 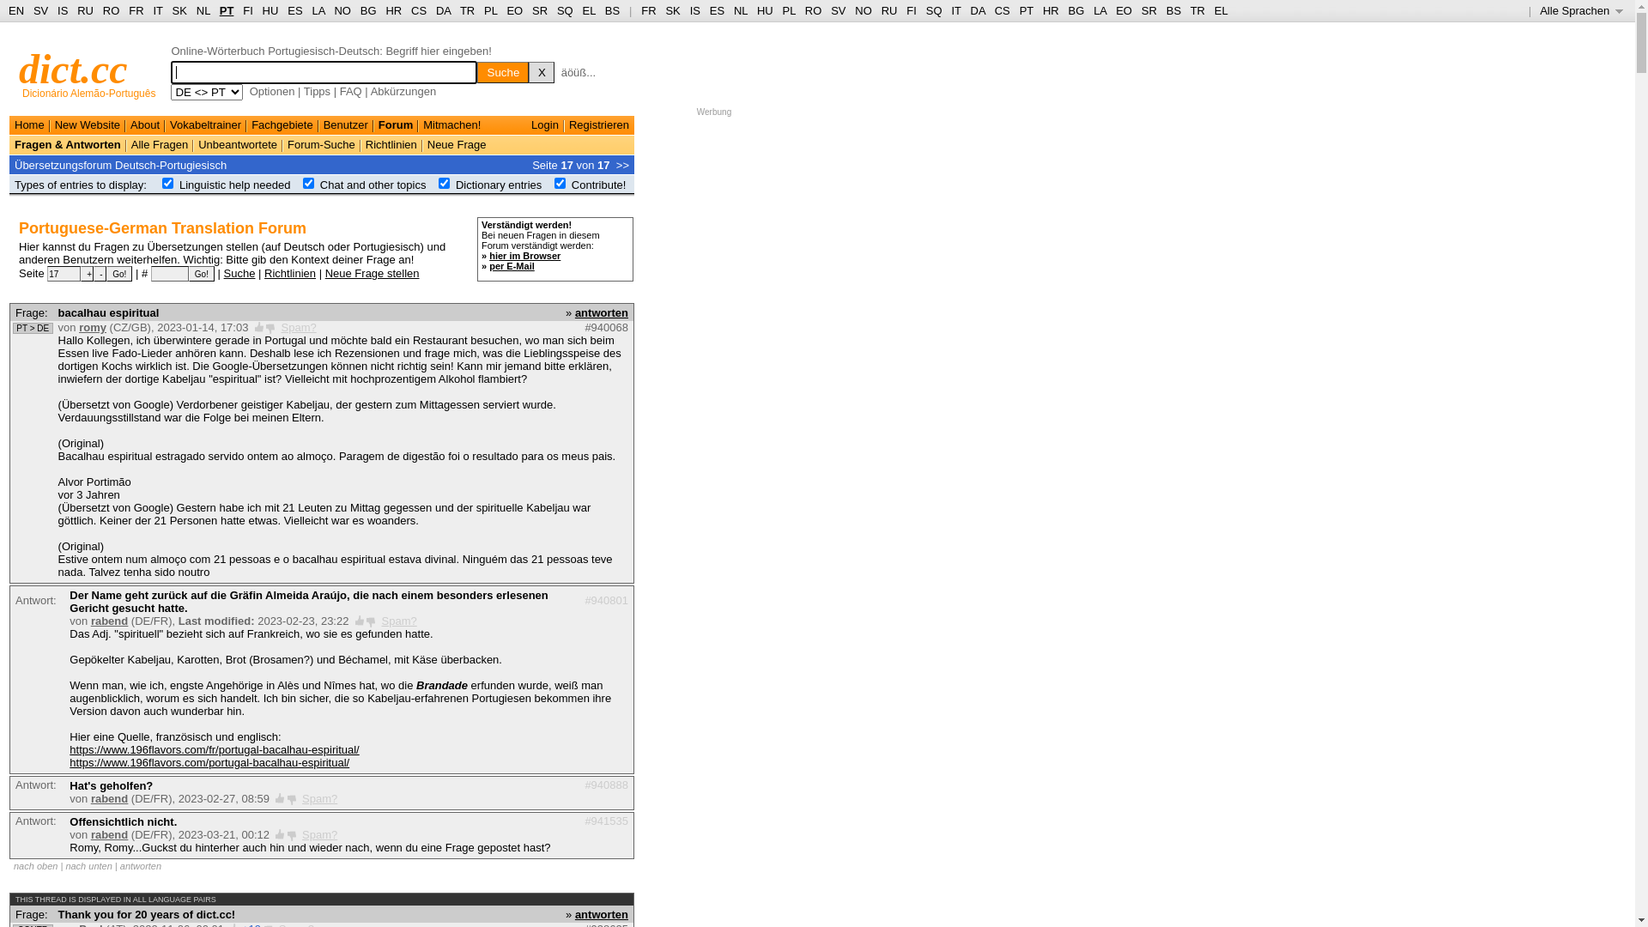 I want to click on 'Forum', so click(x=394, y=124).